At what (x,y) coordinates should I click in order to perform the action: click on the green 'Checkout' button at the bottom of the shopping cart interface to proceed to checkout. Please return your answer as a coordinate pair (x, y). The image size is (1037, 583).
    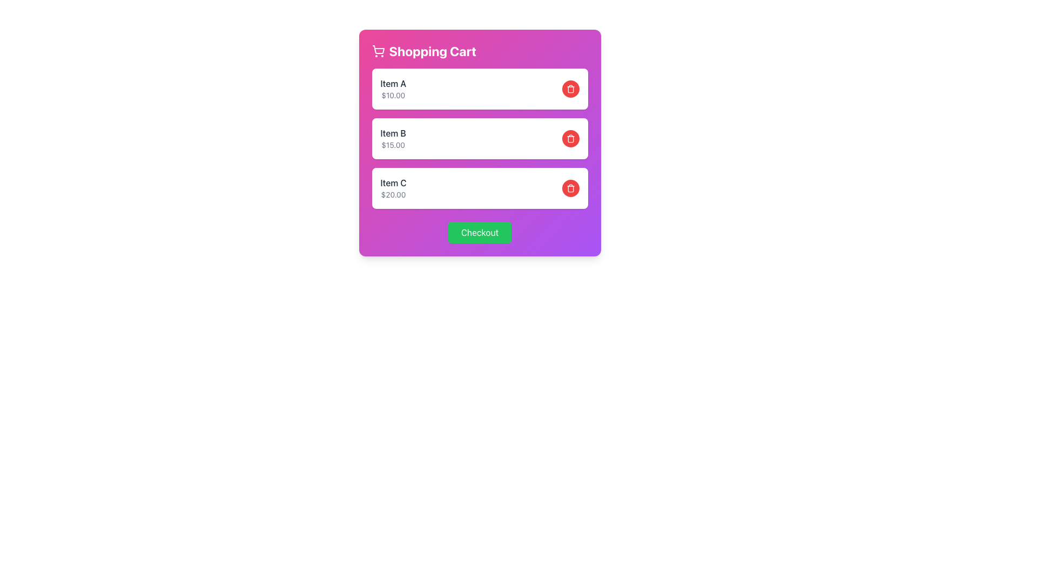
    Looking at the image, I should click on (479, 232).